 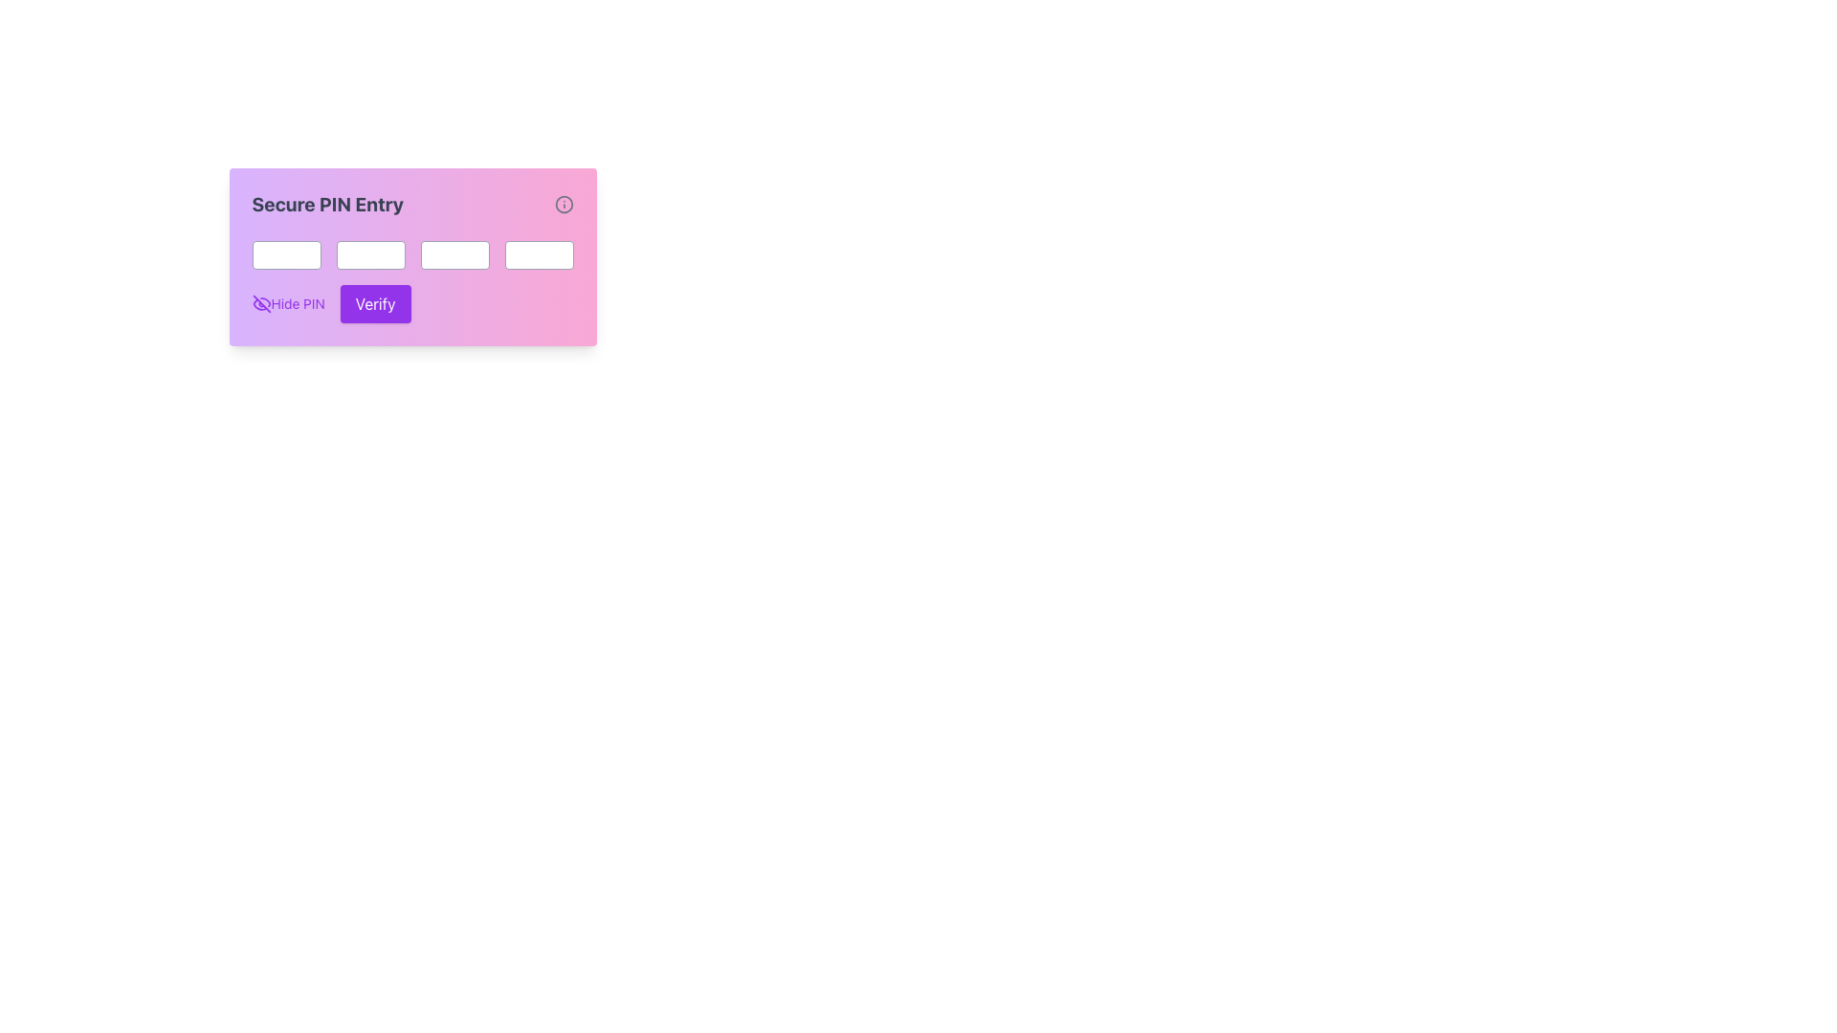 I want to click on the Text Label that serves as a descriptive title for the PIN entry section, which is positioned at the top-middle of the form layout, so click(x=327, y=204).